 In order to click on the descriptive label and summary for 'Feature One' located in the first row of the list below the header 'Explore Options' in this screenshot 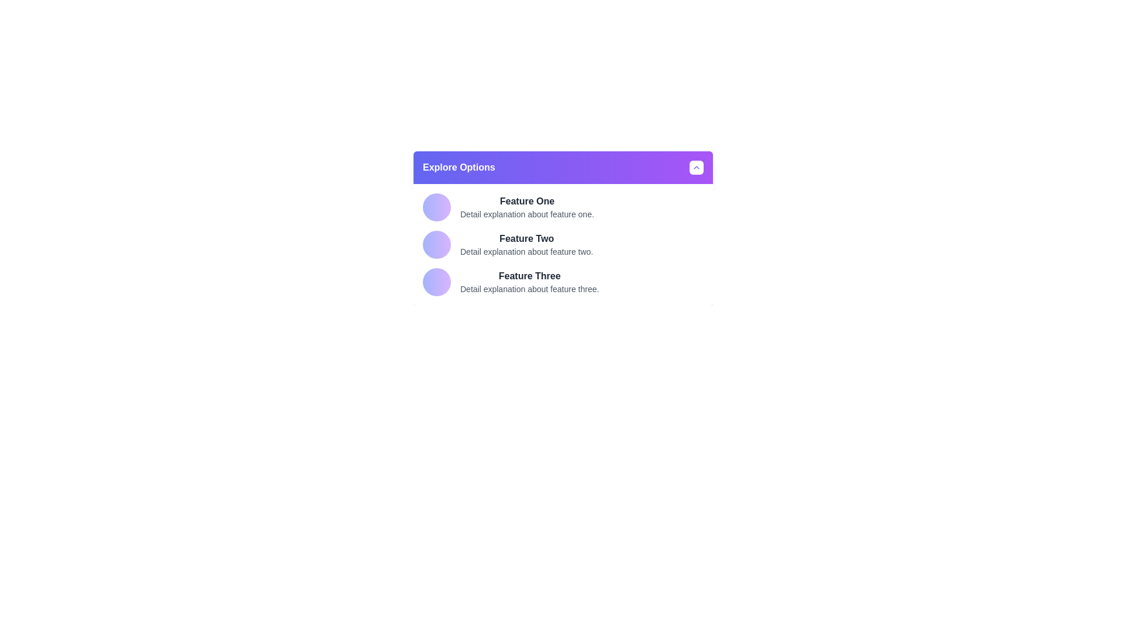, I will do `click(526, 206)`.